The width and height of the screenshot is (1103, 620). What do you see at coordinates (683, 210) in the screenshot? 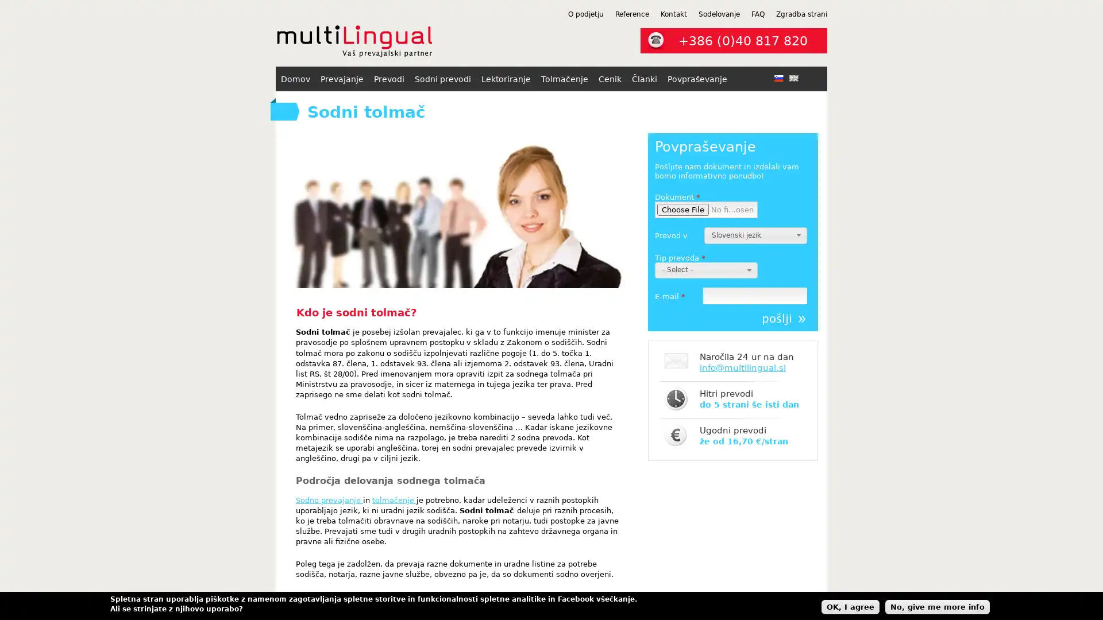
I see `Choose File` at bounding box center [683, 210].